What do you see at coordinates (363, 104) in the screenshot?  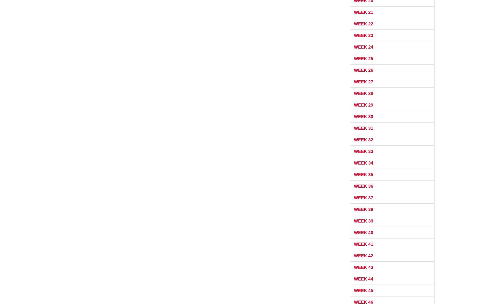 I see `'Week 29'` at bounding box center [363, 104].